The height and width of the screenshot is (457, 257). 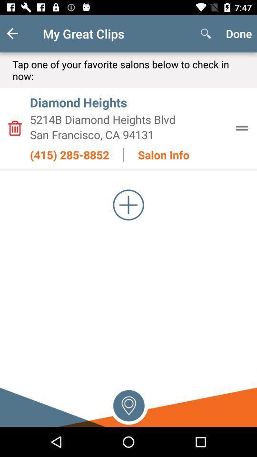 What do you see at coordinates (128, 205) in the screenshot?
I see `more` at bounding box center [128, 205].